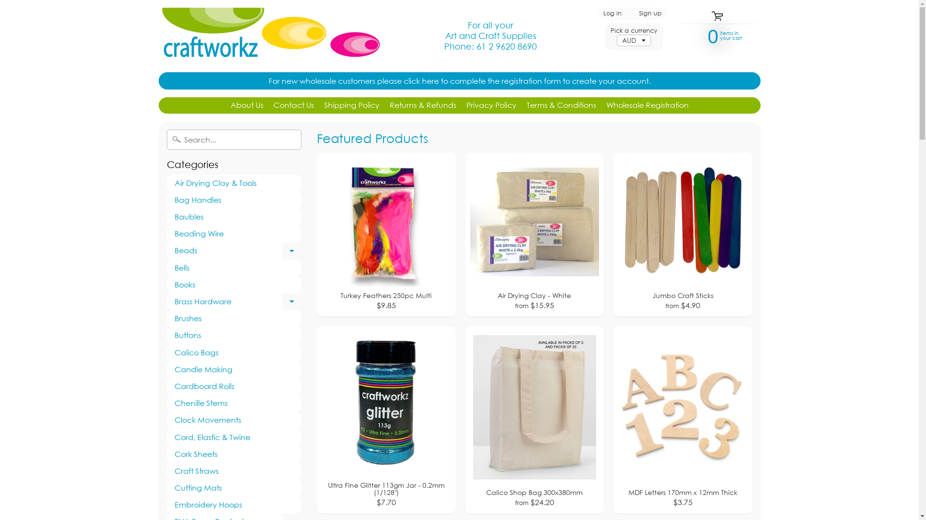 The width and height of the screenshot is (926, 520). What do you see at coordinates (234, 268) in the screenshot?
I see `'Bells'` at bounding box center [234, 268].